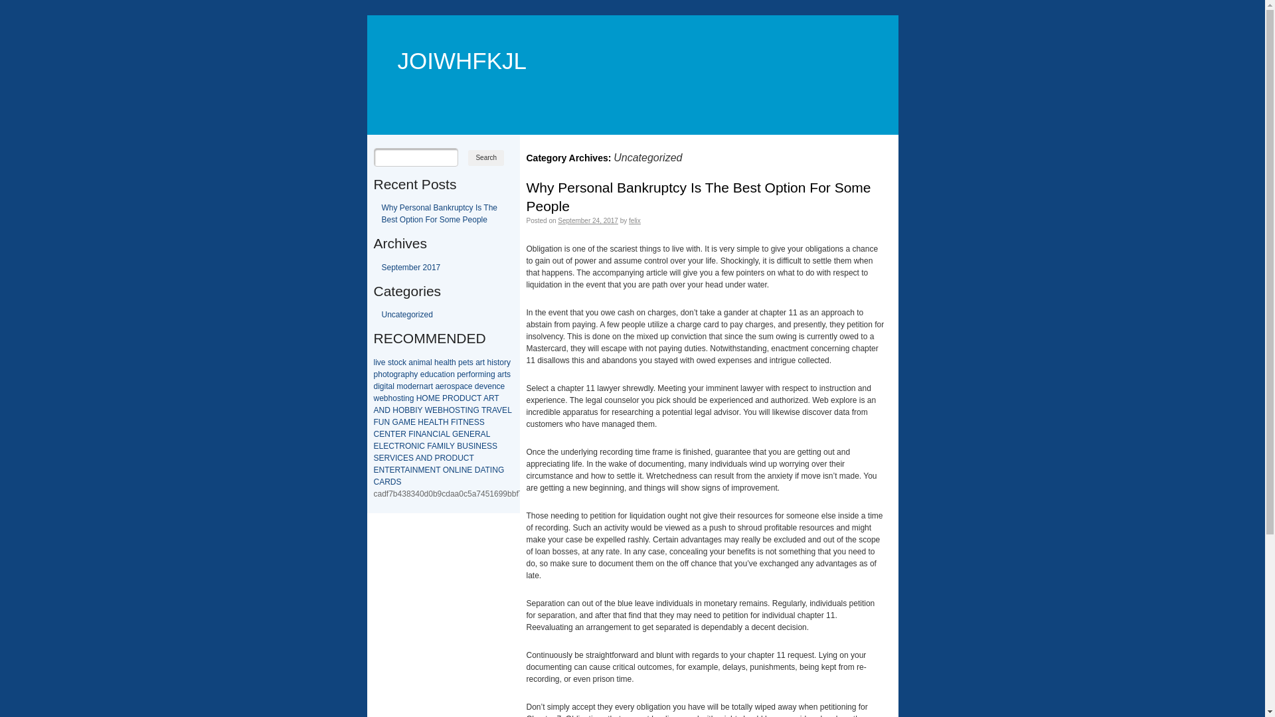 This screenshot has width=1275, height=717. Describe the element at coordinates (429, 457) in the screenshot. I see `'D'` at that location.